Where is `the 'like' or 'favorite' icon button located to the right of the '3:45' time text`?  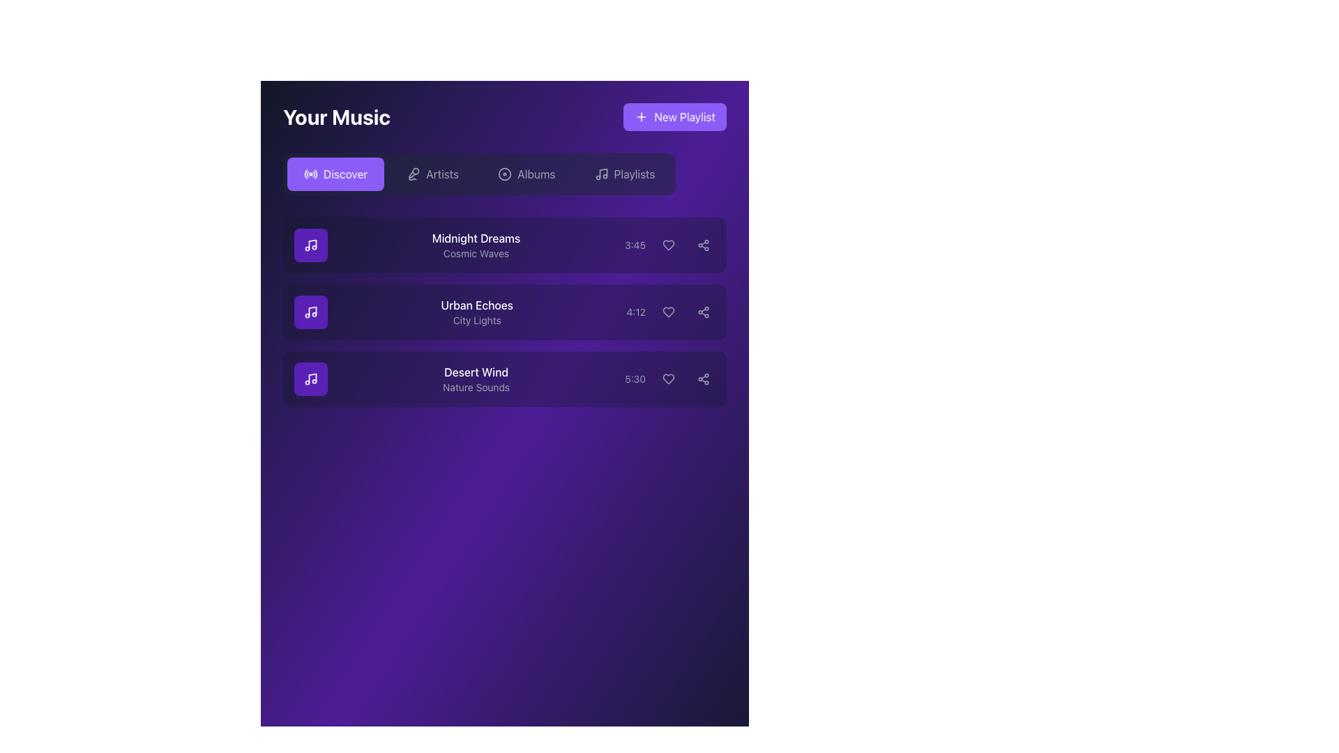 the 'like' or 'favorite' icon button located to the right of the '3:45' time text is located at coordinates (668, 244).